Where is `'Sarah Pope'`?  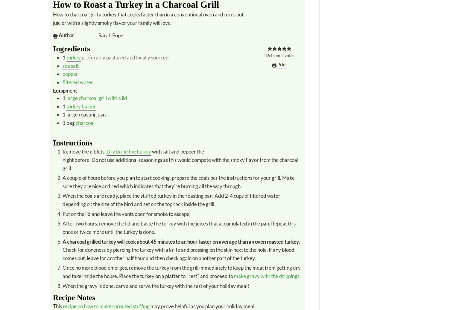 'Sarah Pope' is located at coordinates (111, 35).